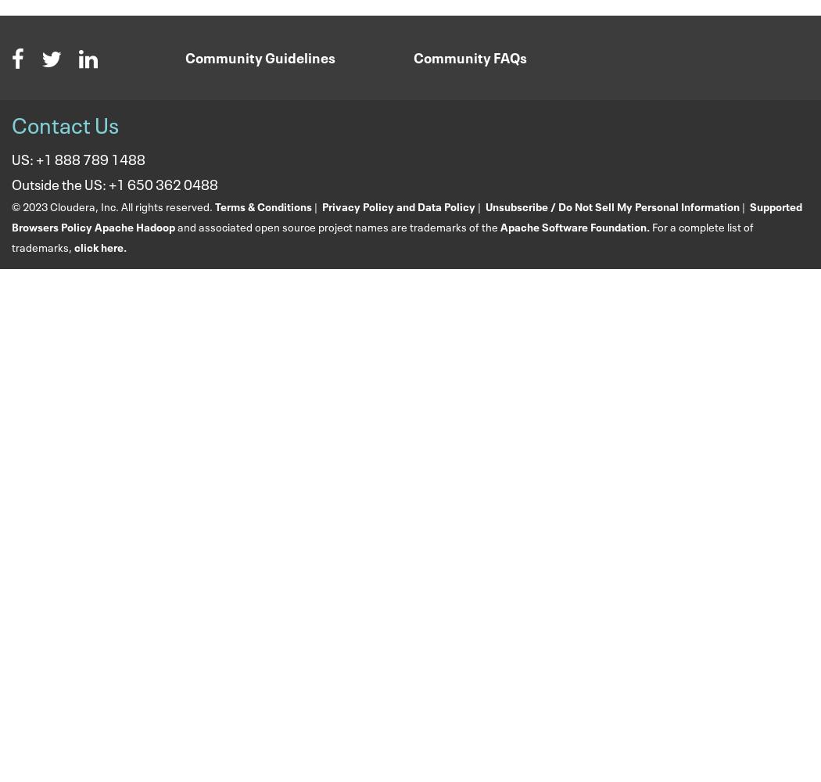 Image resolution: width=821 pixels, height=782 pixels. What do you see at coordinates (264, 205) in the screenshot?
I see `'Terms & Conditions'` at bounding box center [264, 205].